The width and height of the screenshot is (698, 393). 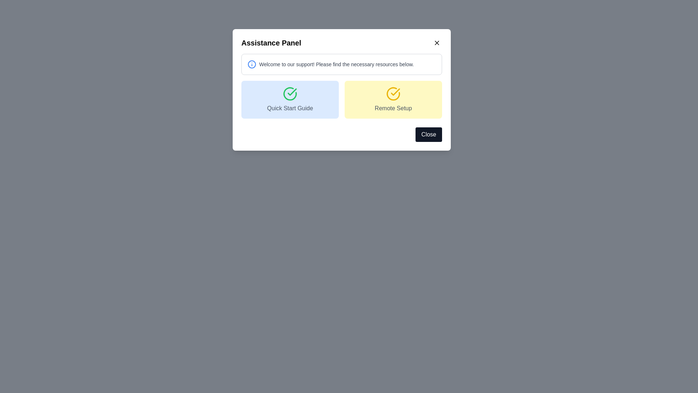 What do you see at coordinates (289, 94) in the screenshot?
I see `the circular icon containing a checkmark that represents a completed or confirmed status, located in the upper part of the light blue section labeled 'Quick Start Guide'` at bounding box center [289, 94].